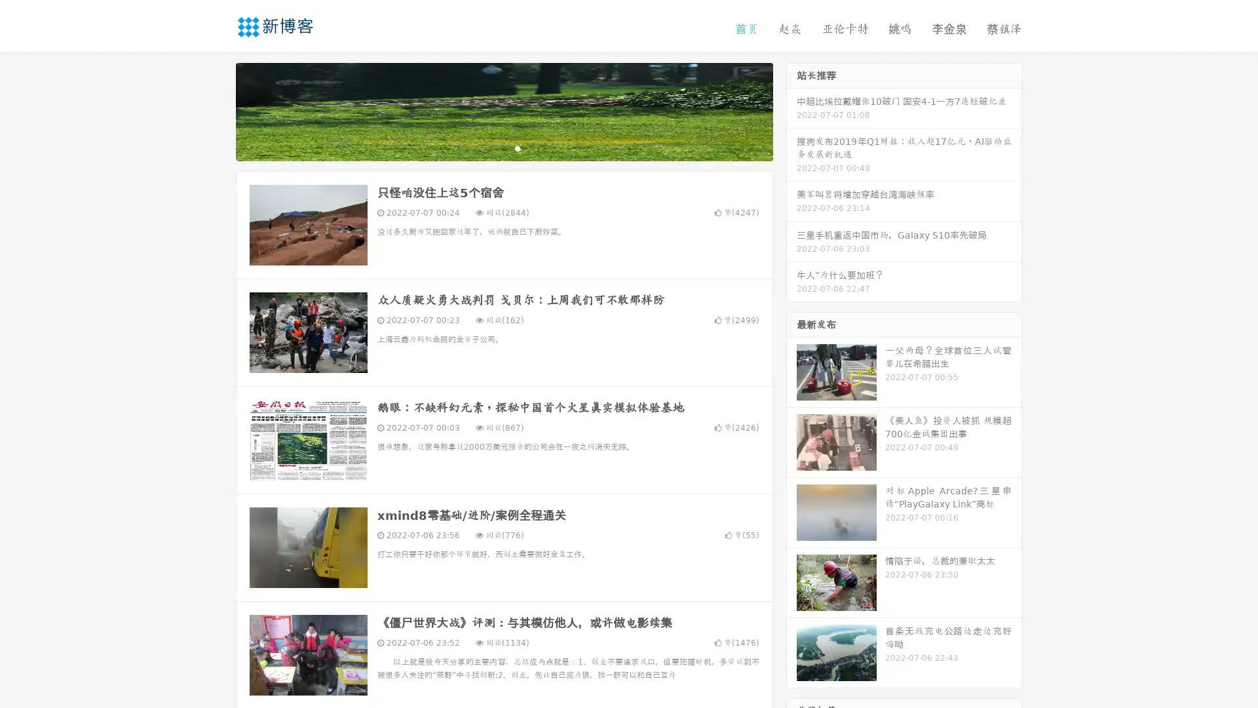  What do you see at coordinates (490, 147) in the screenshot?
I see `Go to slide 1` at bounding box center [490, 147].